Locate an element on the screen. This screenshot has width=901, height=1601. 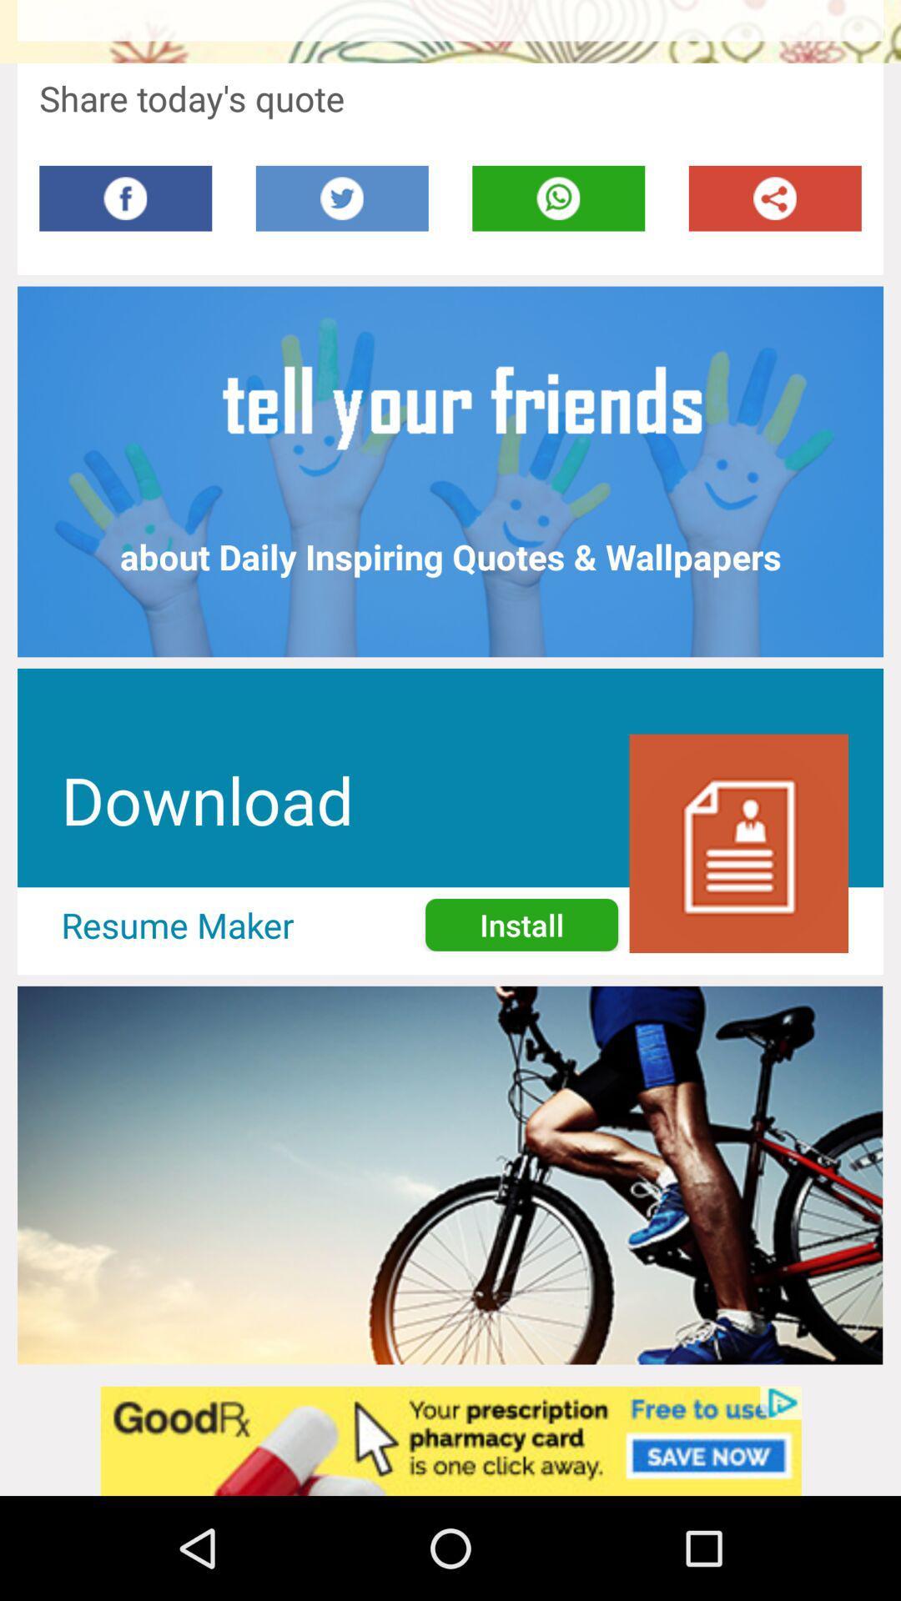
twitter option is located at coordinates (341, 198).